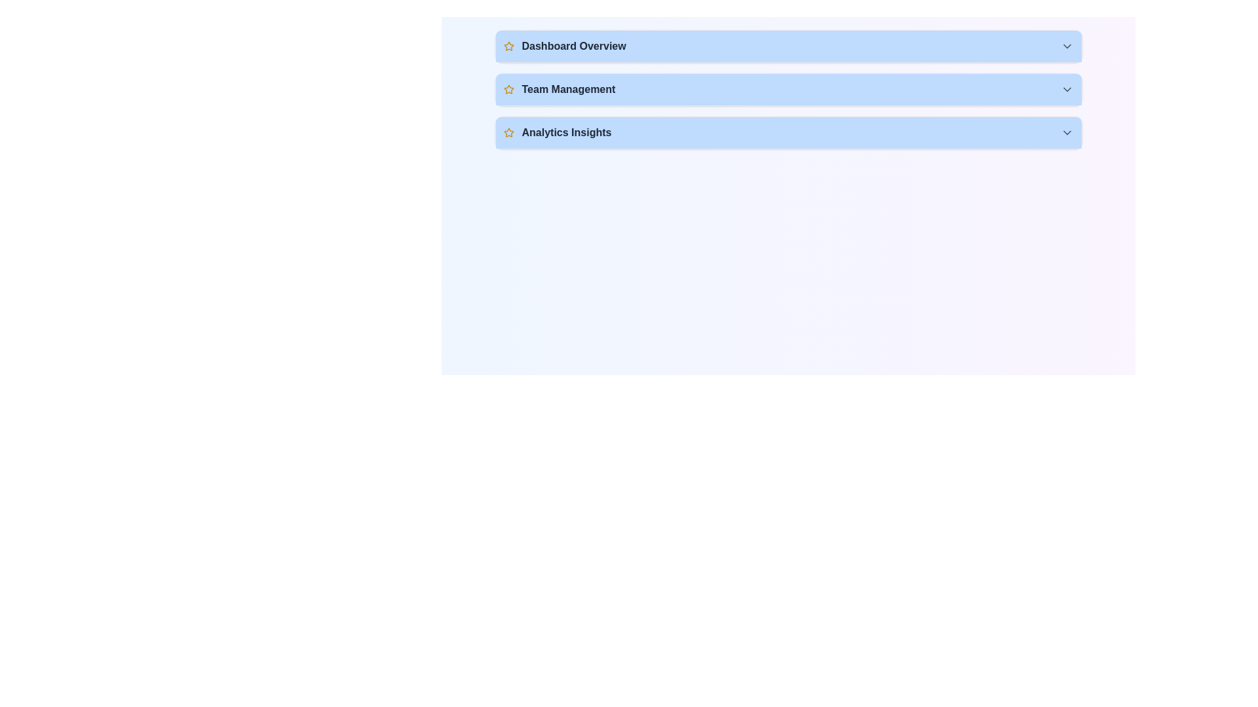 This screenshot has height=707, width=1258. Describe the element at coordinates (560, 89) in the screenshot. I see `the 'Team Management' menu item, which displays bold black text and a yellow star icon on a light blue background` at that location.